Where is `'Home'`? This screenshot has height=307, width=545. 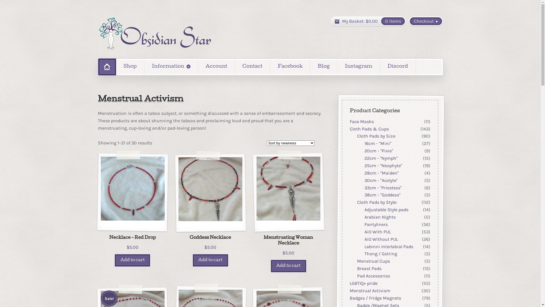
'Home' is located at coordinates (107, 67).